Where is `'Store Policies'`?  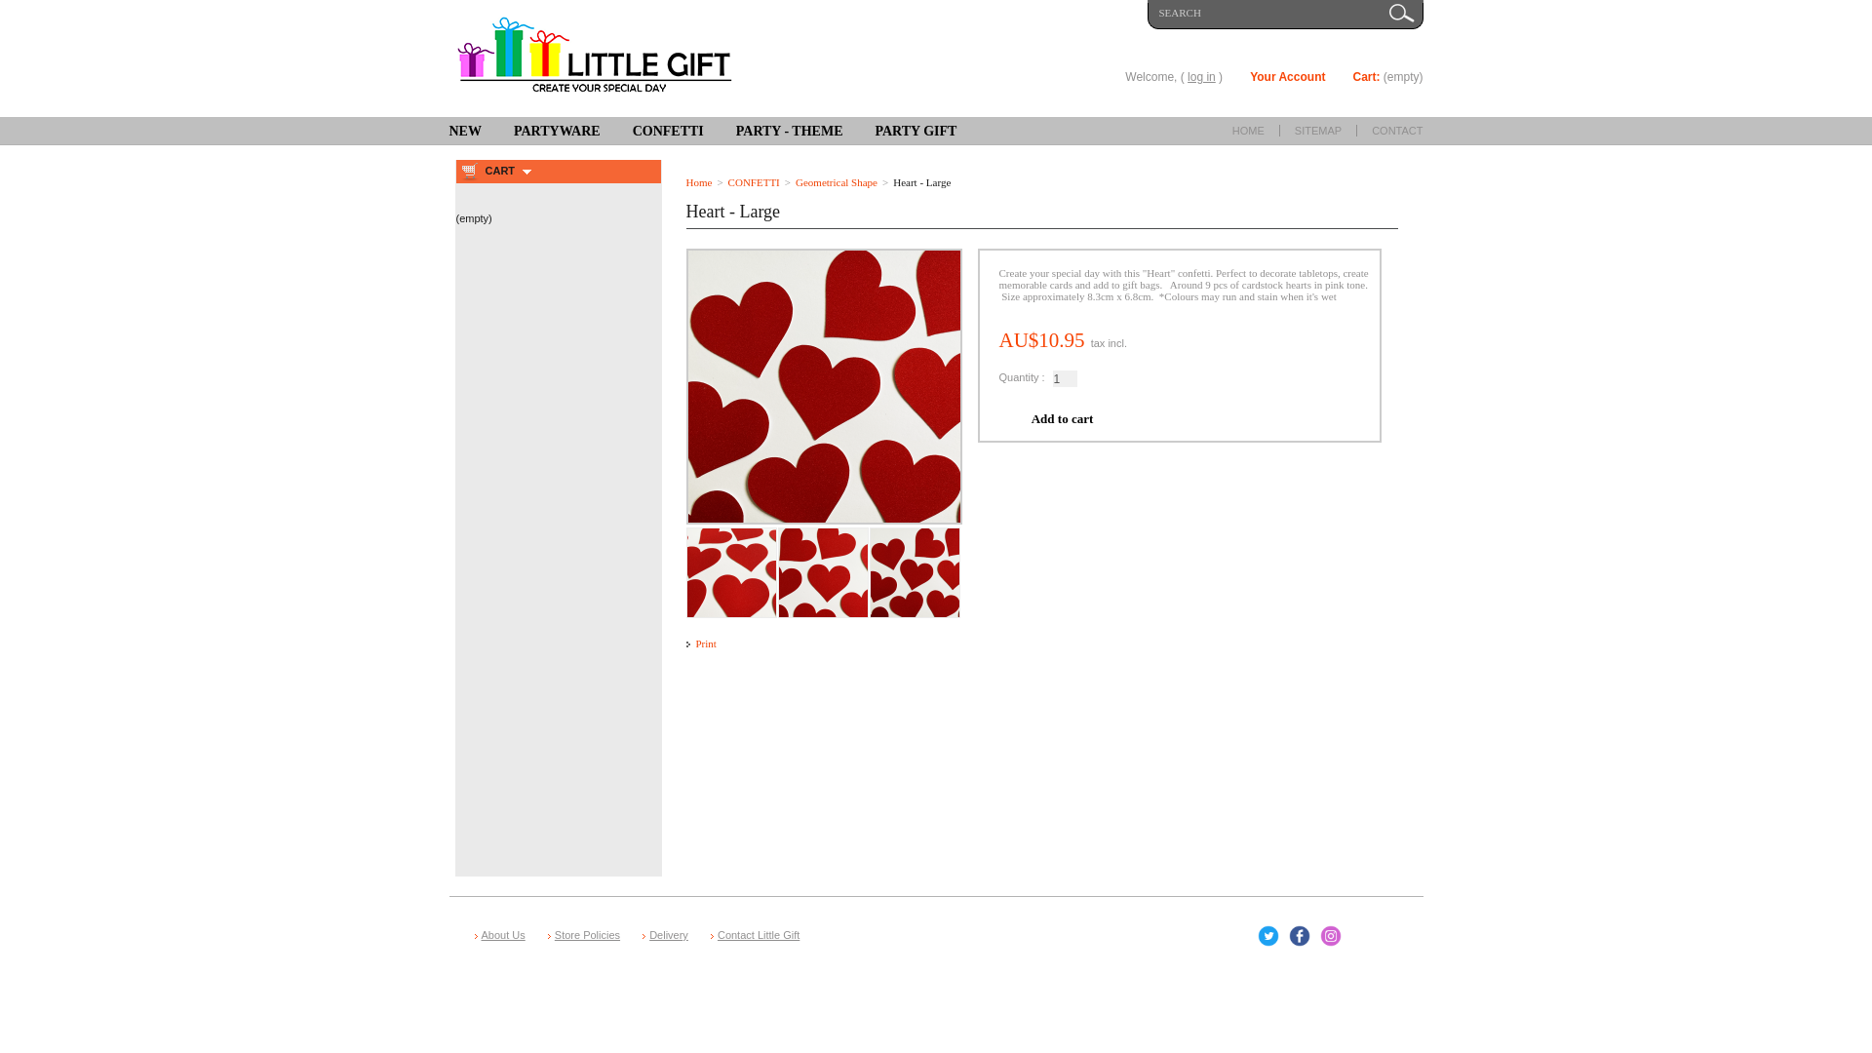
'Store Policies' is located at coordinates (586, 934).